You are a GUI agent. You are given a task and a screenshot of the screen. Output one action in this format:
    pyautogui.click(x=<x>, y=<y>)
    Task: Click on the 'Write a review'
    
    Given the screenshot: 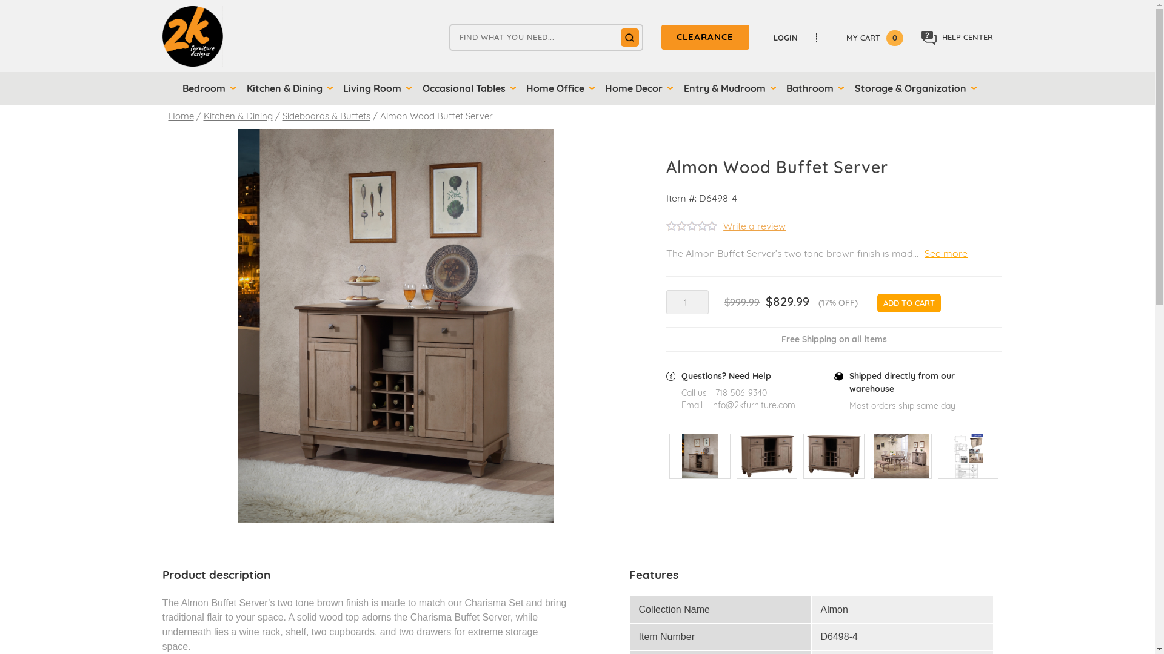 What is the action you would take?
    pyautogui.click(x=726, y=227)
    